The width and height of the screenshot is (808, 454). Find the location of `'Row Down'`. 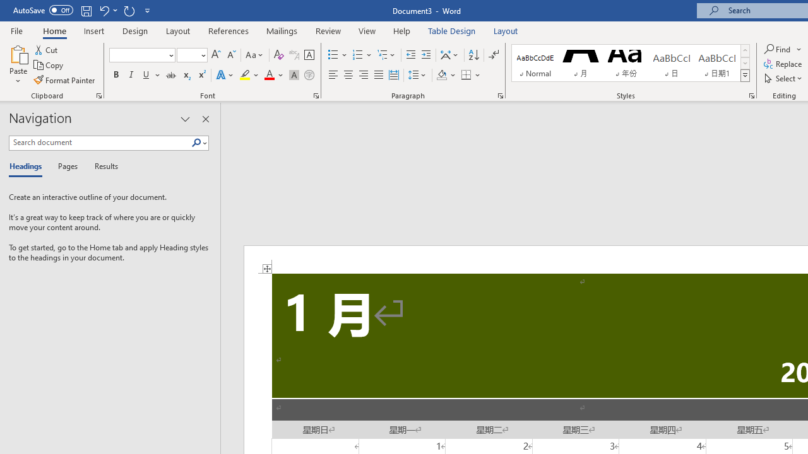

'Row Down' is located at coordinates (745, 63).